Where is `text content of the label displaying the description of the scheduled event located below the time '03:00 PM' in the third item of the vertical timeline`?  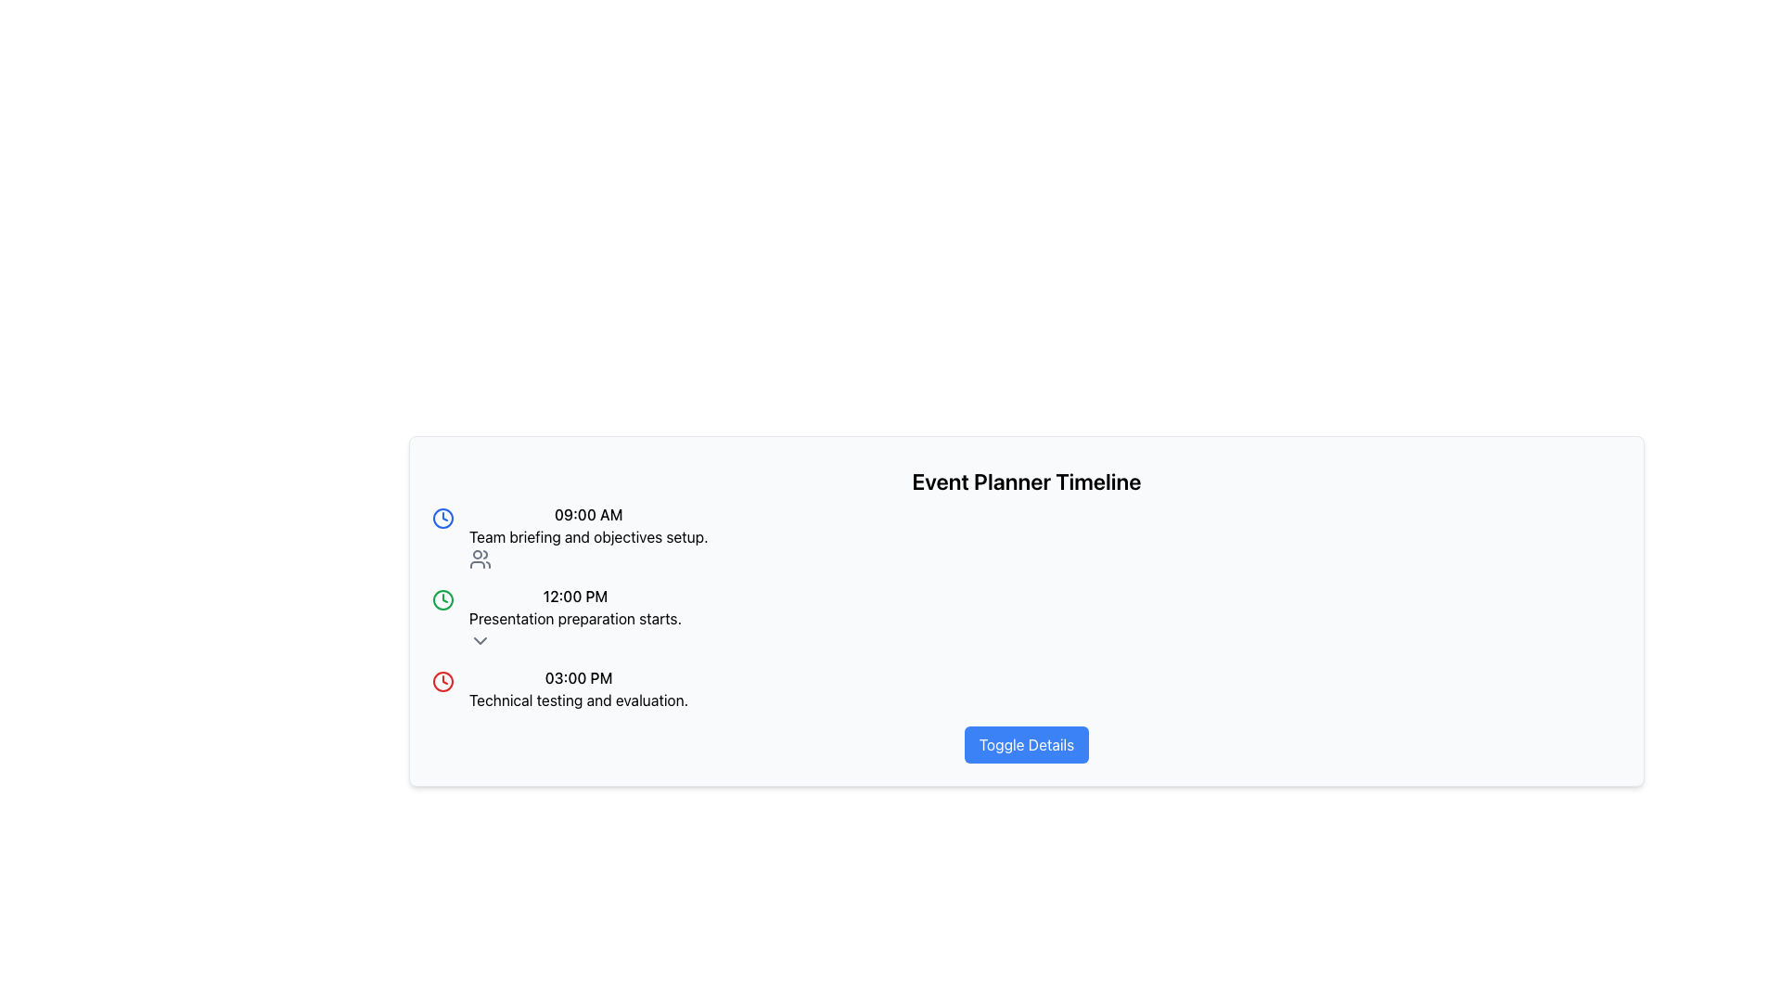
text content of the label displaying the description of the scheduled event located below the time '03:00 PM' in the third item of the vertical timeline is located at coordinates (578, 700).